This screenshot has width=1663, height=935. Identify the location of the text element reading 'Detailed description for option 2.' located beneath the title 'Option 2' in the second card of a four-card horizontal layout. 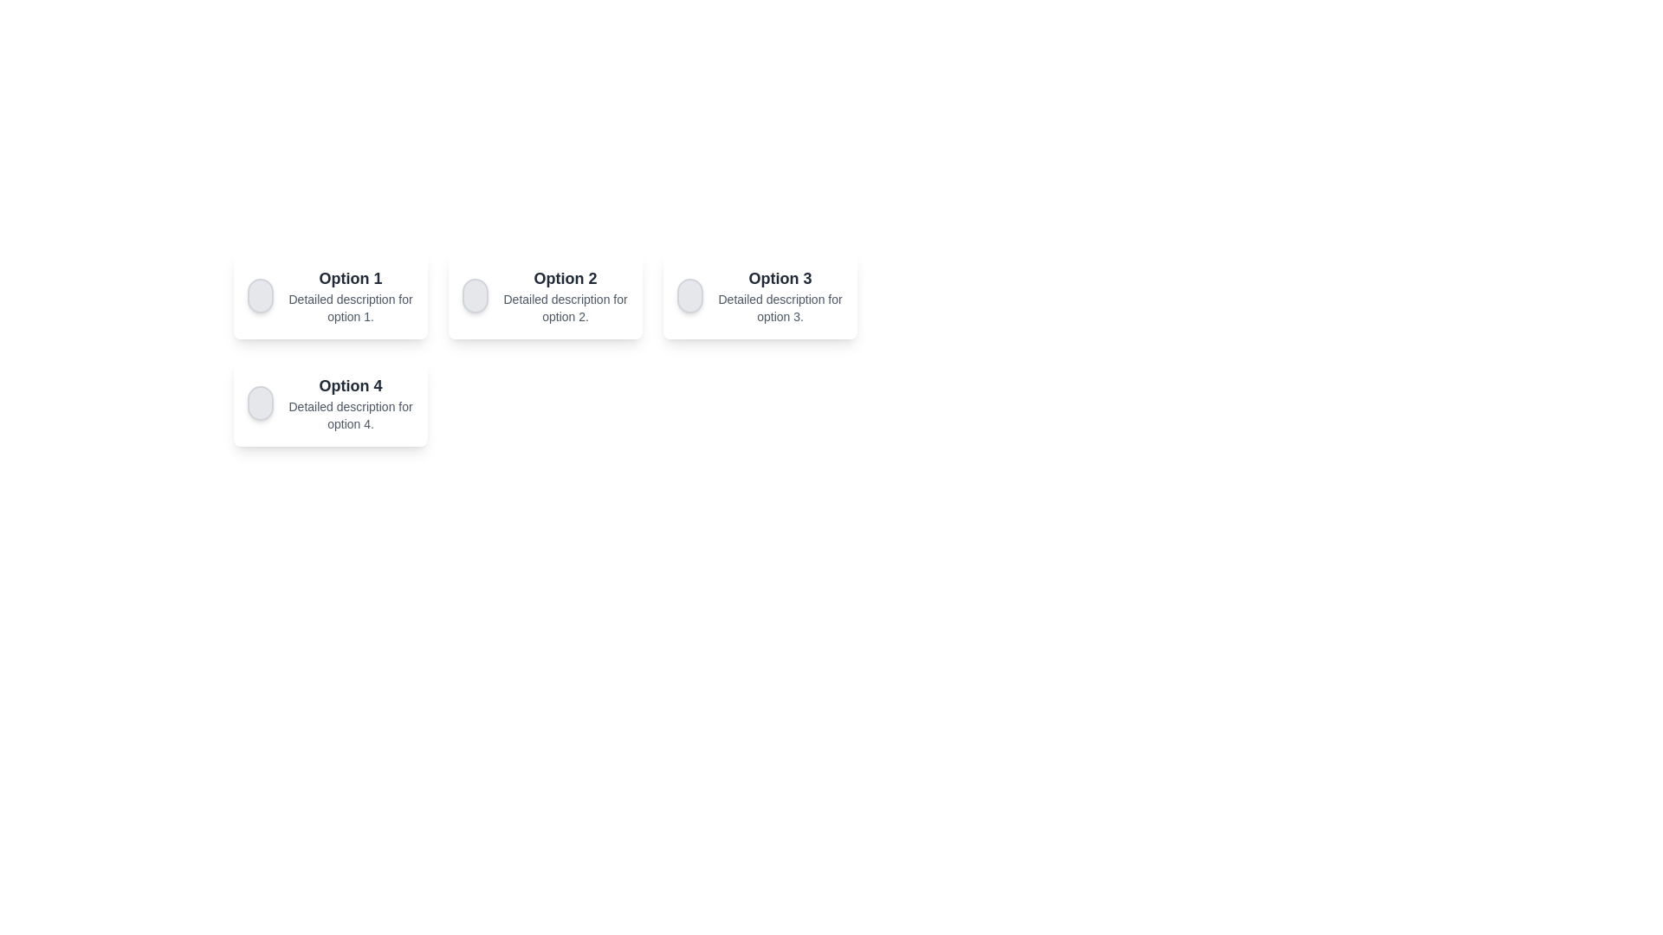
(565, 306).